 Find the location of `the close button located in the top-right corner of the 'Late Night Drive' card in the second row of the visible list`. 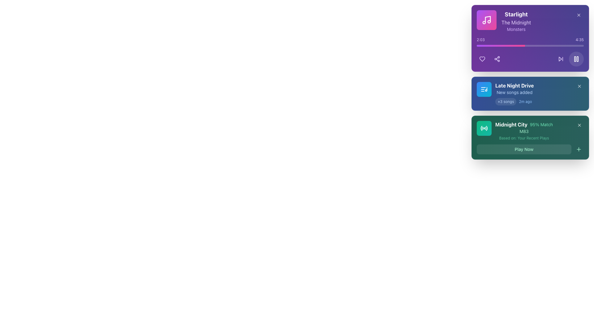

the close button located in the top-right corner of the 'Late Night Drive' card in the second row of the visible list is located at coordinates (579, 86).